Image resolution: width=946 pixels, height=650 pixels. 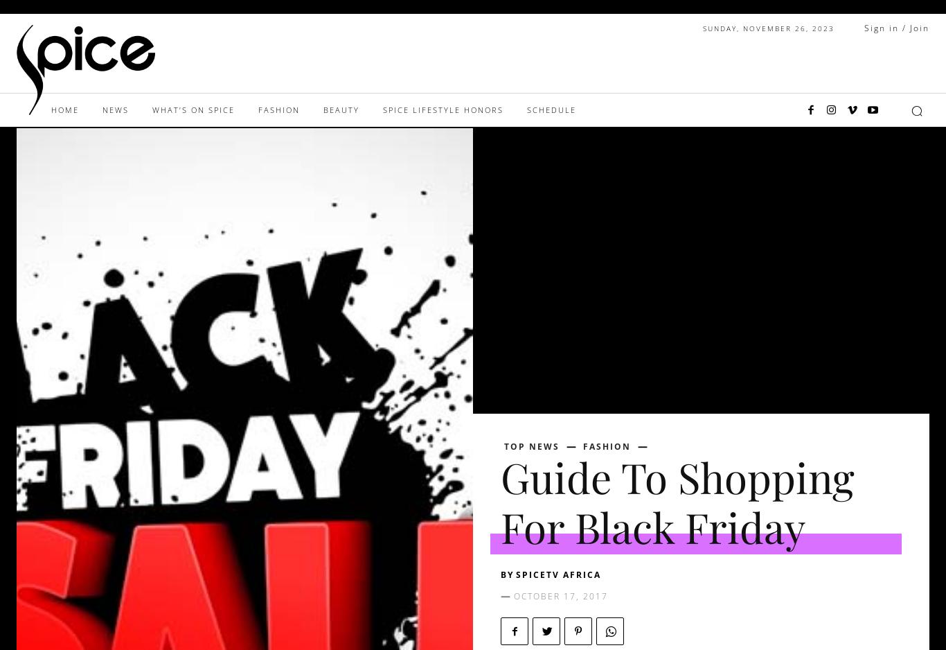 What do you see at coordinates (560, 595) in the screenshot?
I see `'October 17, 2017'` at bounding box center [560, 595].